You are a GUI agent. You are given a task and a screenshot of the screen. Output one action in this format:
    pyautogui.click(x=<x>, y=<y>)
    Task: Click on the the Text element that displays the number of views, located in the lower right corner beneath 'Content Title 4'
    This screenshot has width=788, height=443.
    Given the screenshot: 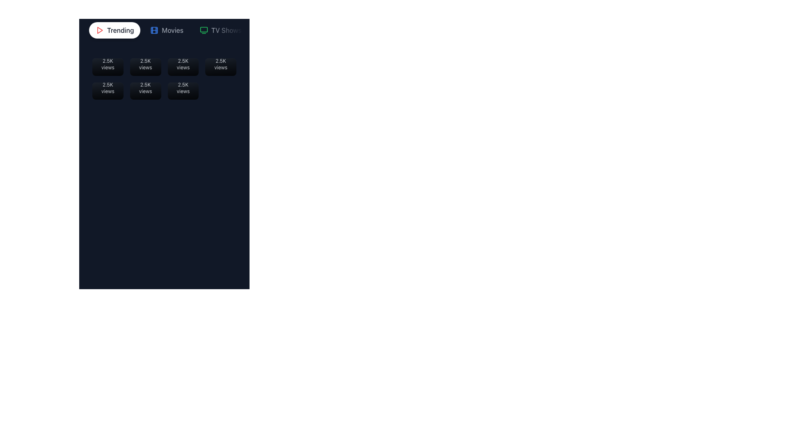 What is the action you would take?
    pyautogui.click(x=221, y=64)
    